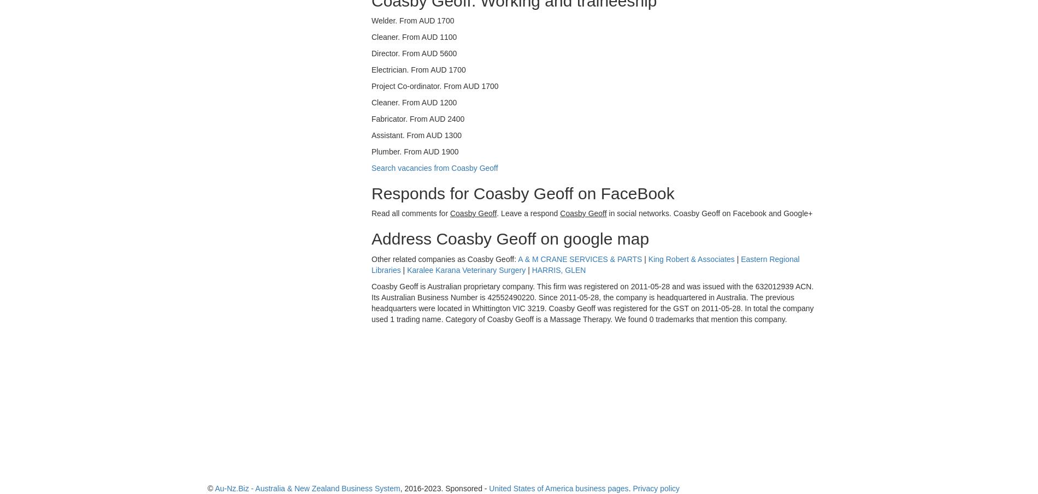  Describe the element at coordinates (709, 212) in the screenshot. I see `'in social networks.
					Coasby Geoff on Facebook and Google+'` at that location.